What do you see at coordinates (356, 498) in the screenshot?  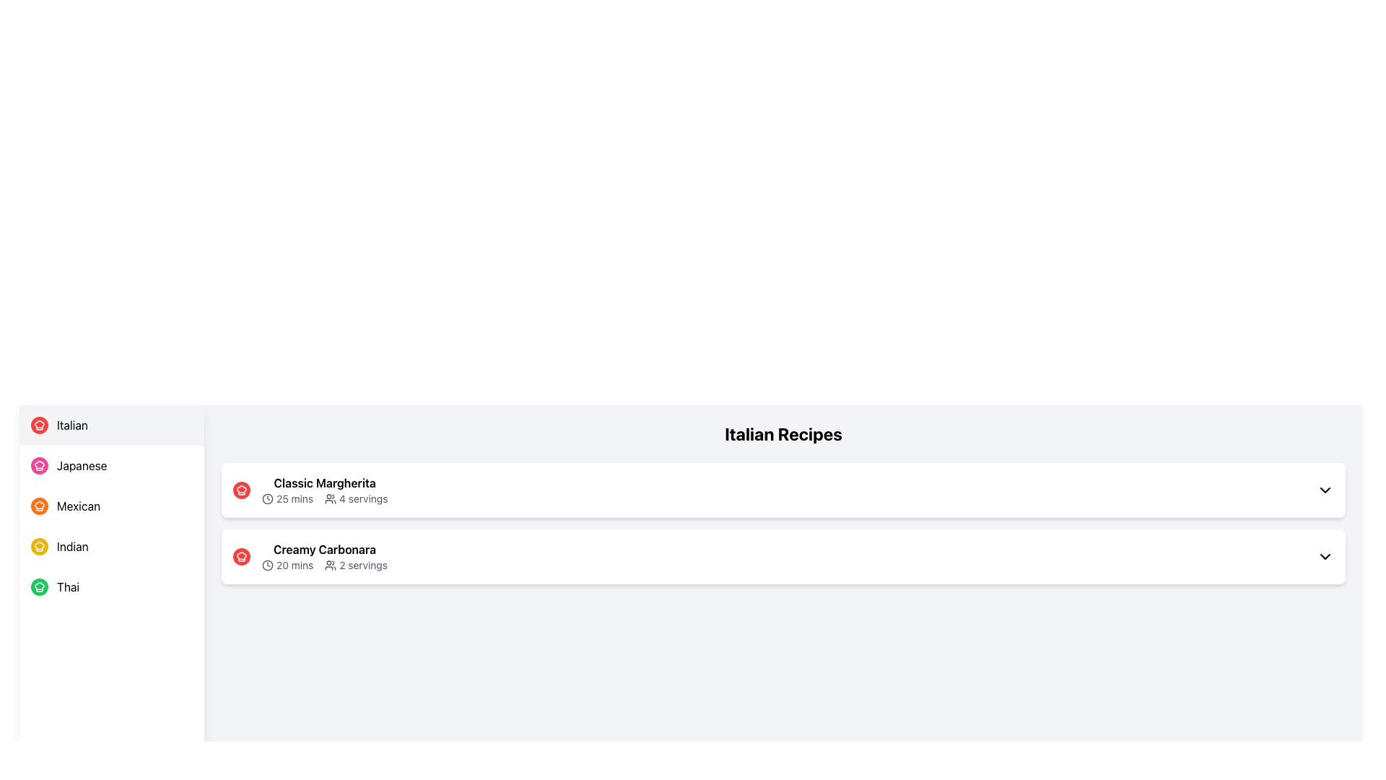 I see `the Text with Icon displaying the number of servings for the 'Classic Margherita' recipe, which is located after the '25 mins' text` at bounding box center [356, 498].